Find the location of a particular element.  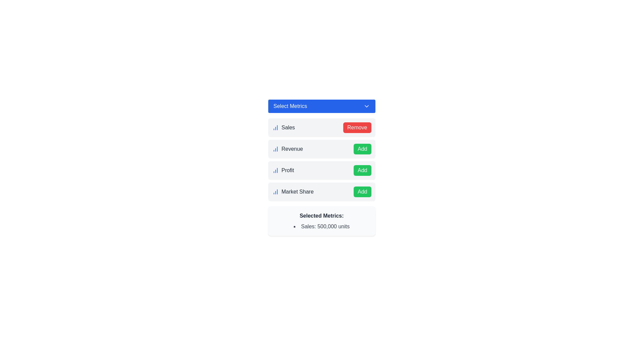

the 'Add Revenue' button located in the second row, right side of the 'Revenue' label is located at coordinates (362, 149).